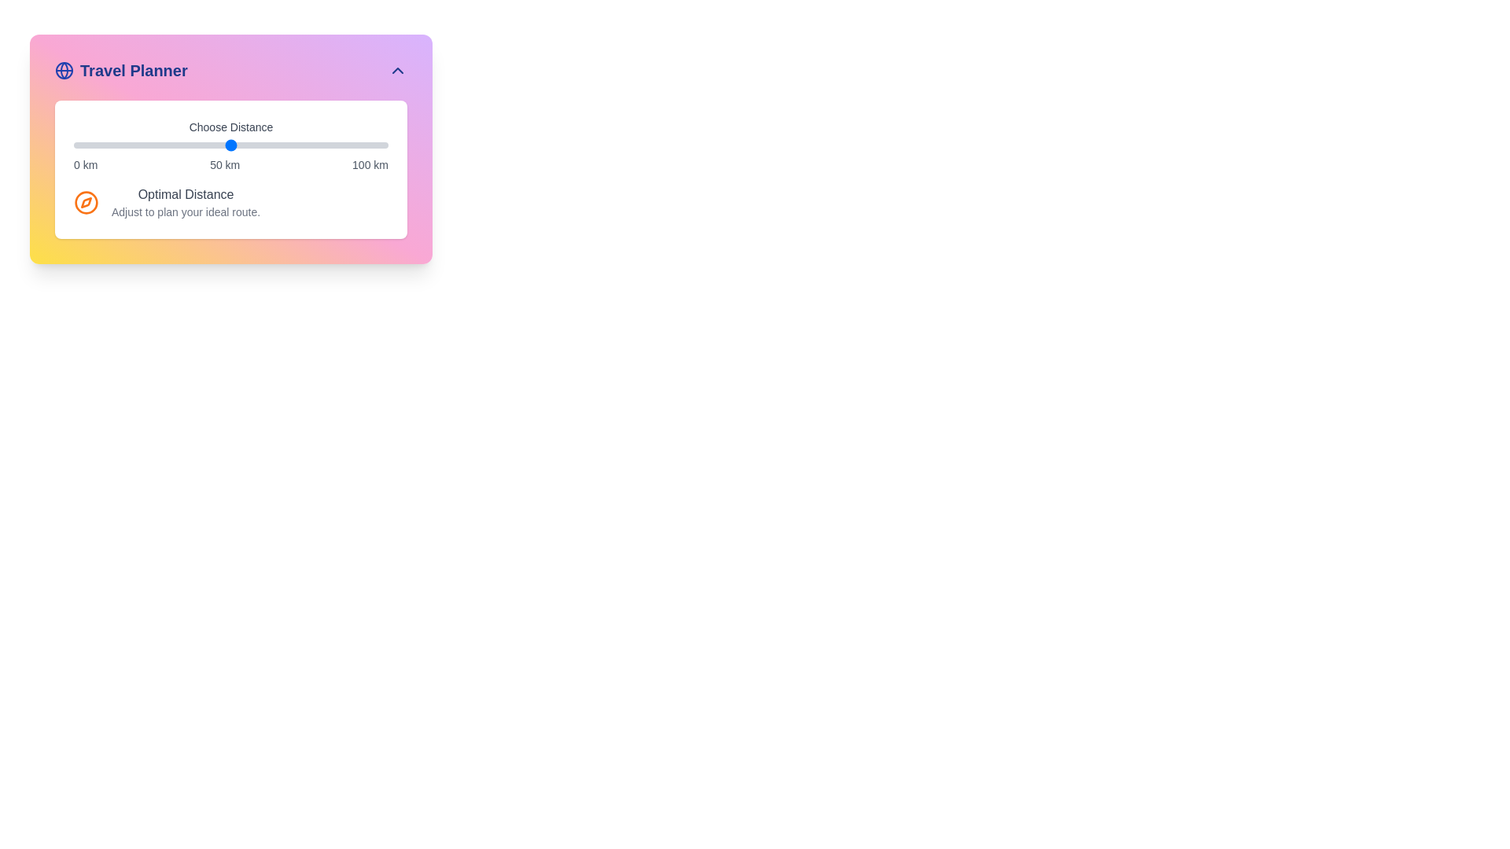 This screenshot has height=849, width=1510. What do you see at coordinates (309, 145) in the screenshot?
I see `the distance slider` at bounding box center [309, 145].